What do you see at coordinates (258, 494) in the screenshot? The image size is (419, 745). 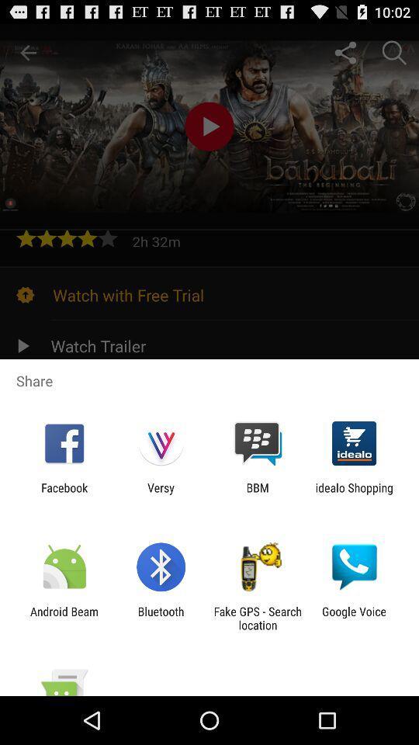 I see `the app next to versy icon` at bounding box center [258, 494].